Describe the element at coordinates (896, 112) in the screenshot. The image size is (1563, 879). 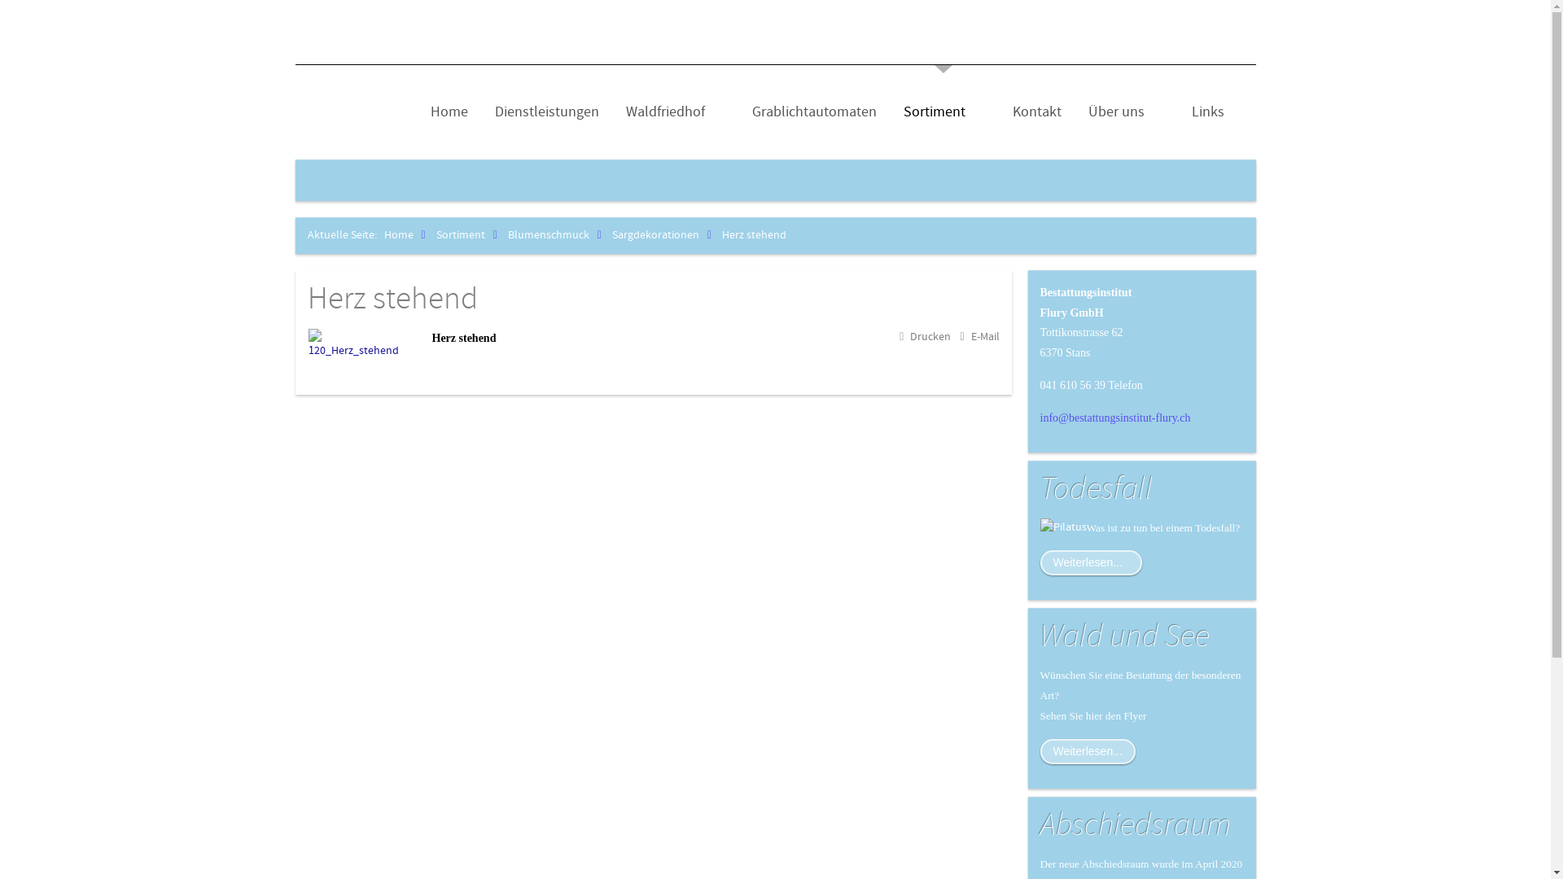
I see `'Sortiment'` at that location.